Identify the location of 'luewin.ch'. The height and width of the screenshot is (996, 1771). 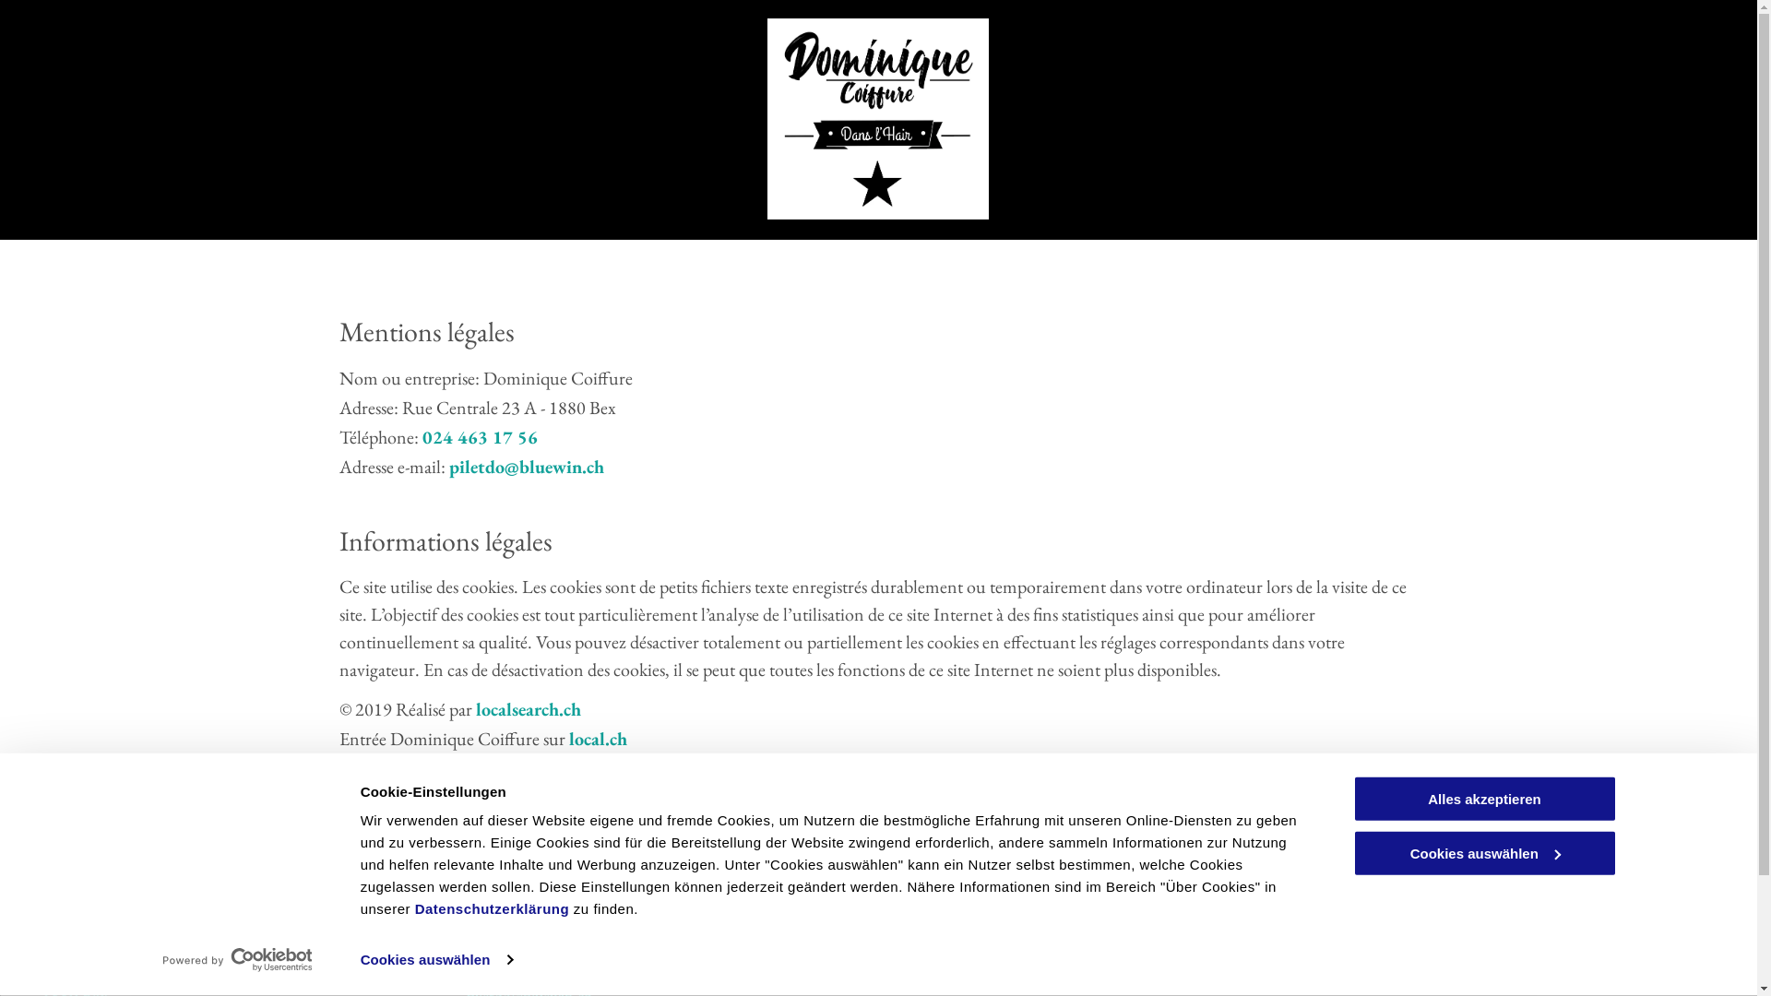
(565, 465).